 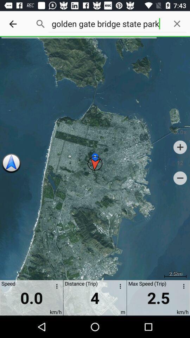 What do you see at coordinates (119, 287) in the screenshot?
I see `the options icon above the number 4` at bounding box center [119, 287].